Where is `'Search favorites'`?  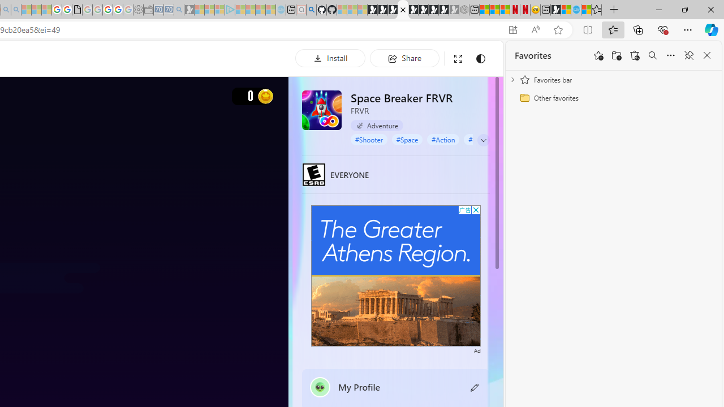
'Search favorites' is located at coordinates (652, 55).